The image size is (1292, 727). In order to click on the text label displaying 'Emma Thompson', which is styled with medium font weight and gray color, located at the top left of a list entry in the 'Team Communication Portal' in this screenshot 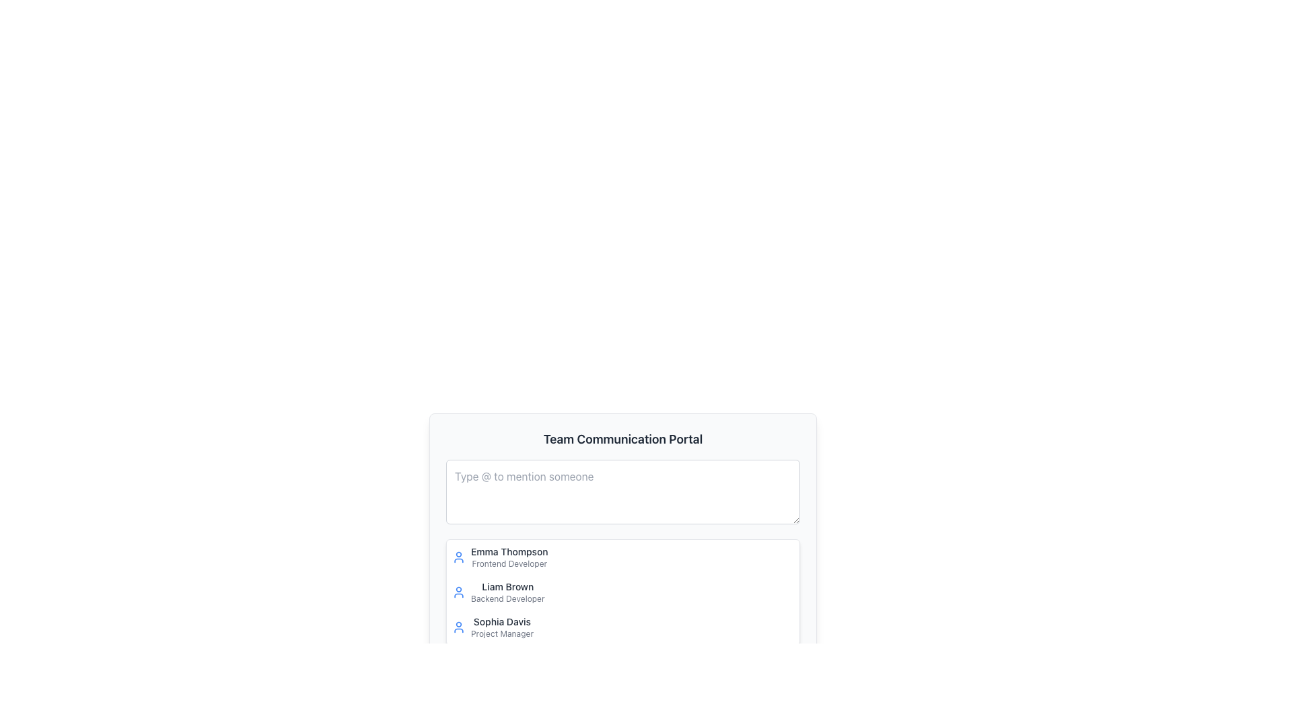, I will do `click(509, 552)`.